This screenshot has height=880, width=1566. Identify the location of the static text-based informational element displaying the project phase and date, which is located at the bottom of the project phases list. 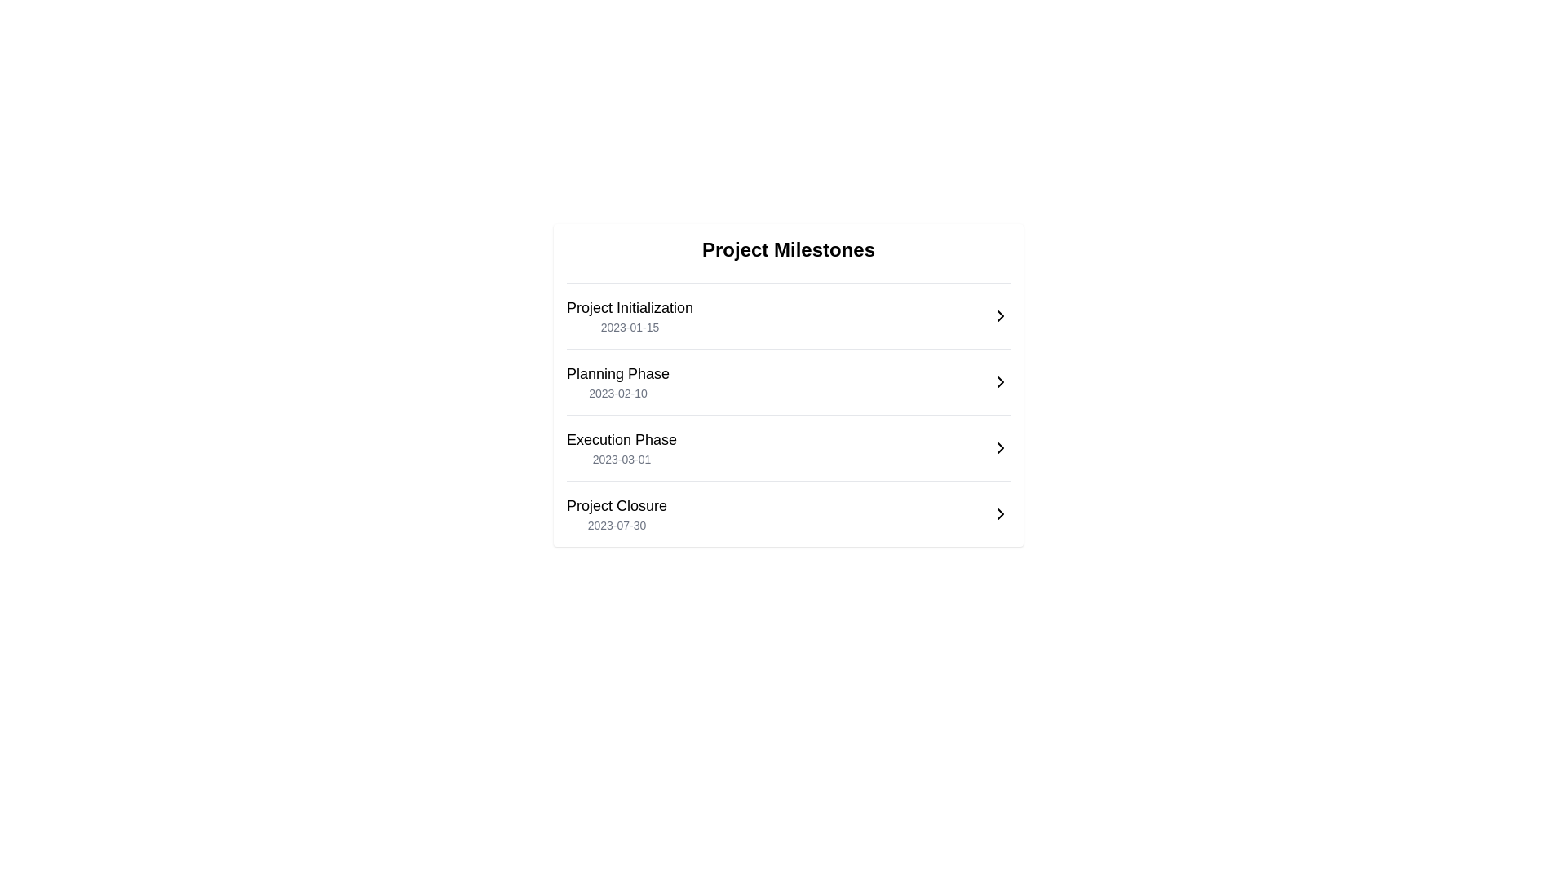
(616, 514).